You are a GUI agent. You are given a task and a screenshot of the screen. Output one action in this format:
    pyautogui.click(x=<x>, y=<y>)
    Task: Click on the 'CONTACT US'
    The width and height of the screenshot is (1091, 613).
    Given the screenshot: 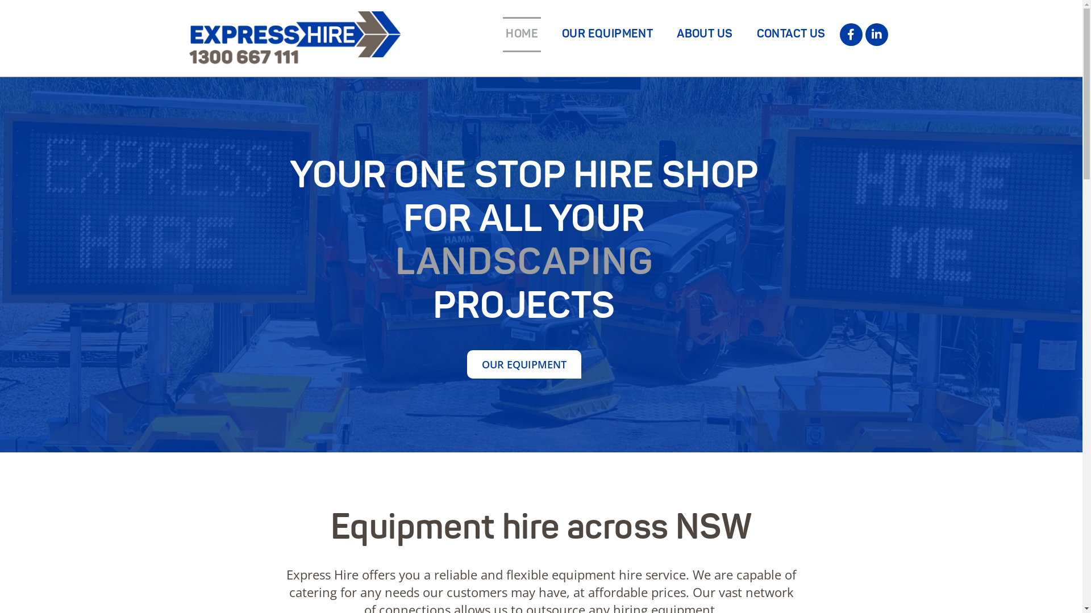 What is the action you would take?
    pyautogui.click(x=790, y=34)
    